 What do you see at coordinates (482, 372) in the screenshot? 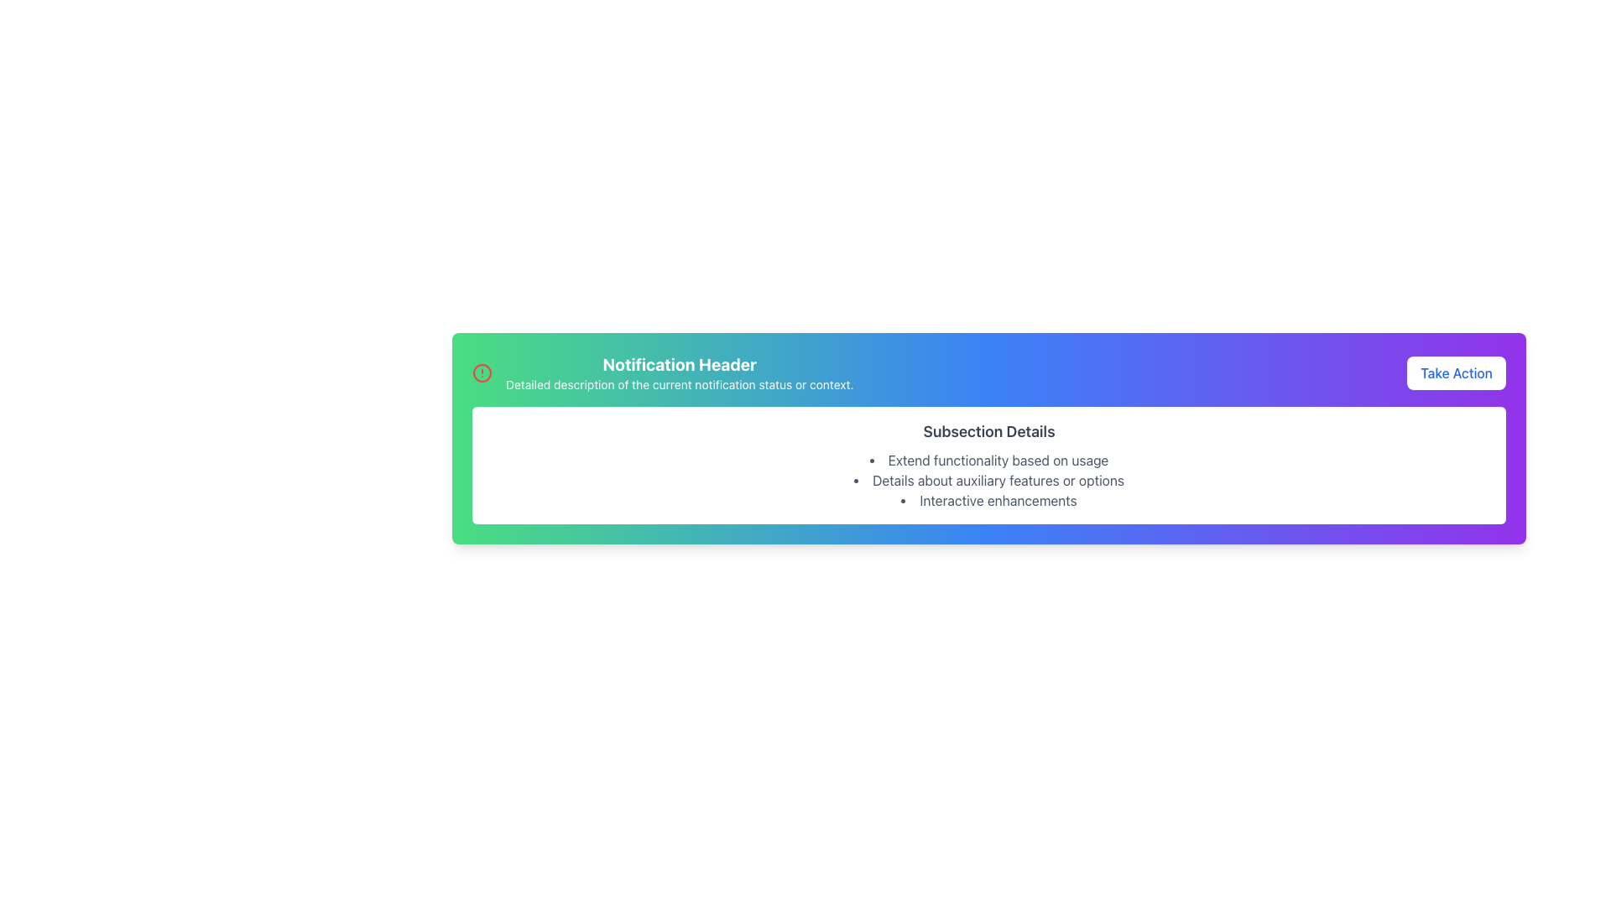
I see `the circular shape within the decorative icon located at the top-left corner of the green notification card` at bounding box center [482, 372].